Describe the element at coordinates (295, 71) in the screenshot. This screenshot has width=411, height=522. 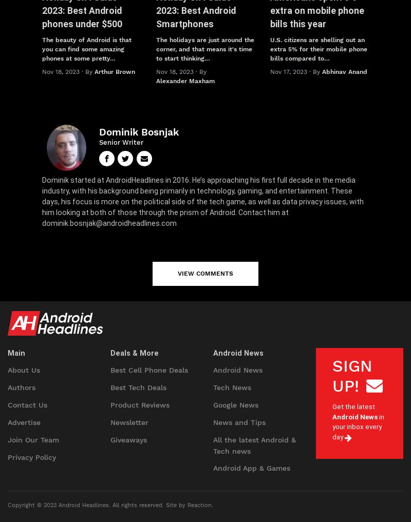
I see `'Nov 17, 2023 ·
By'` at that location.